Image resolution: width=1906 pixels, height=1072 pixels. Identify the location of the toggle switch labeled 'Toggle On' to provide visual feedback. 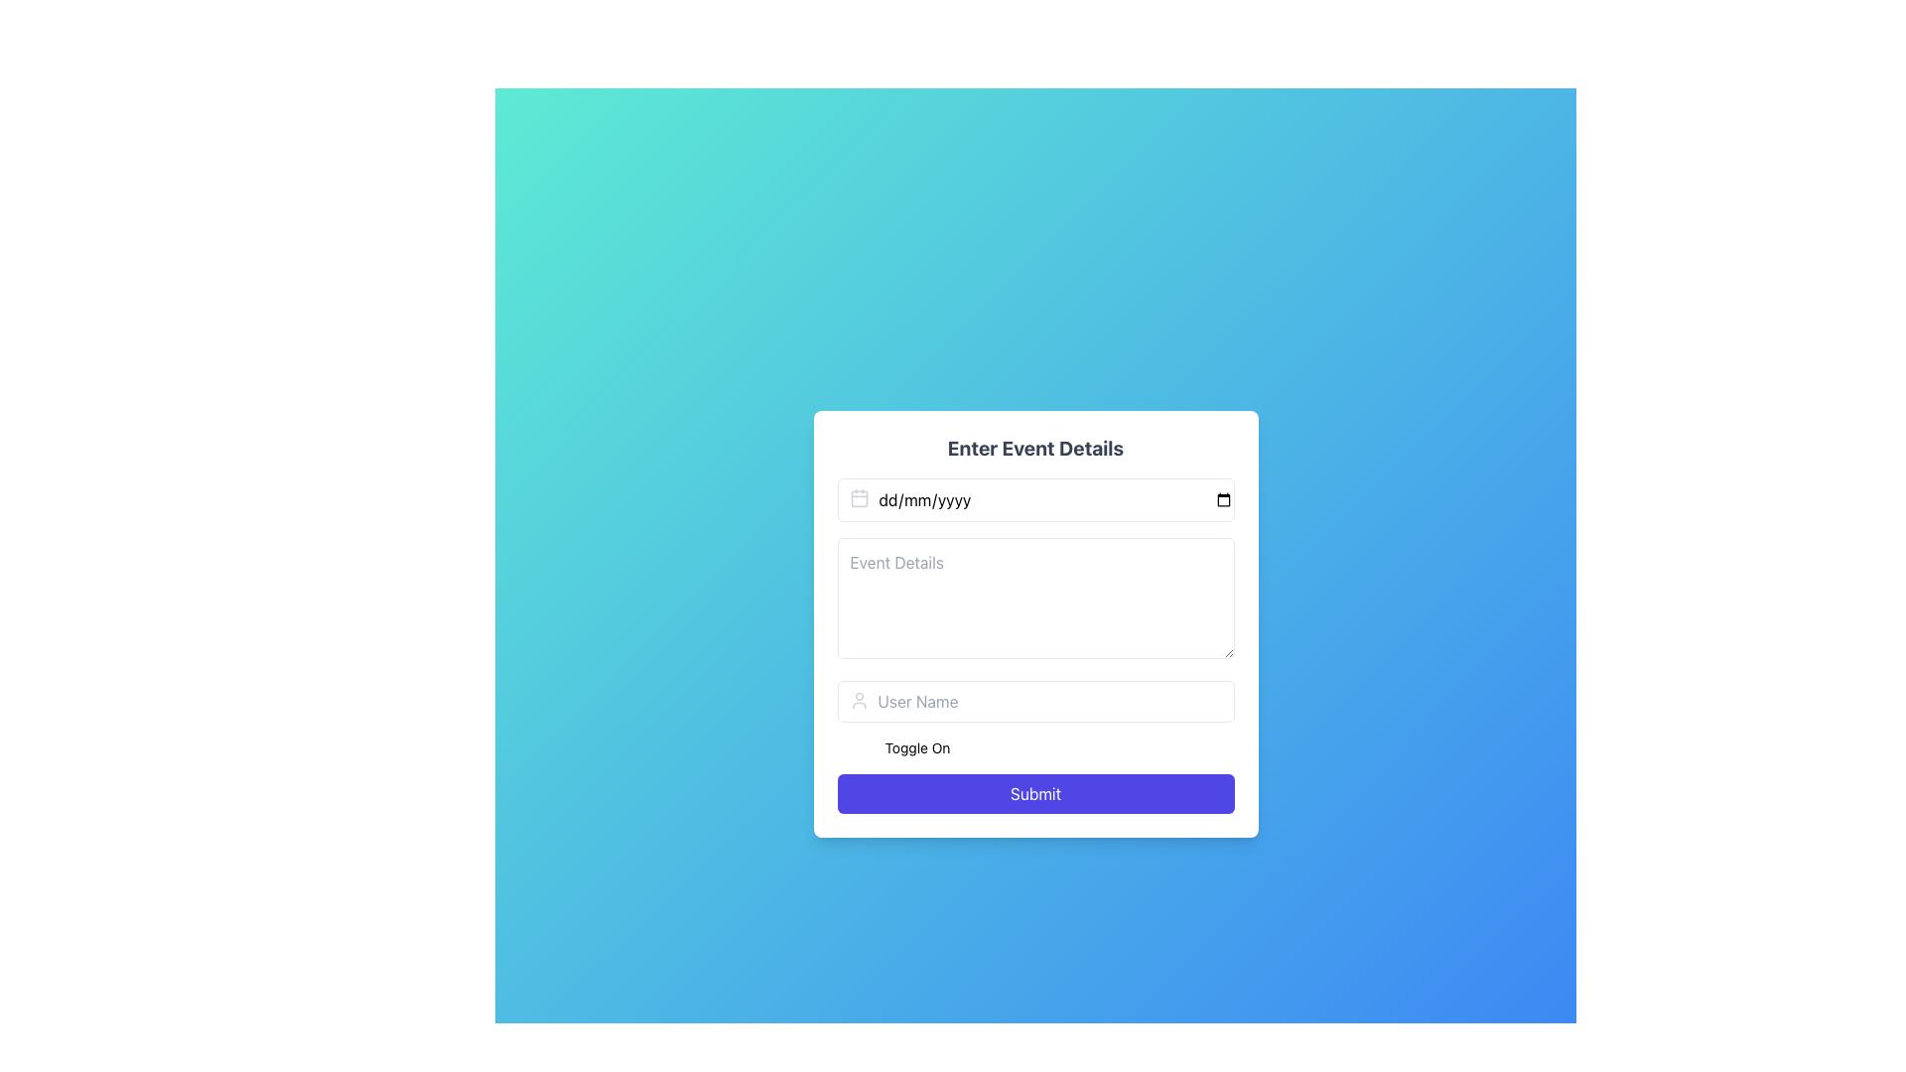
(1034, 747).